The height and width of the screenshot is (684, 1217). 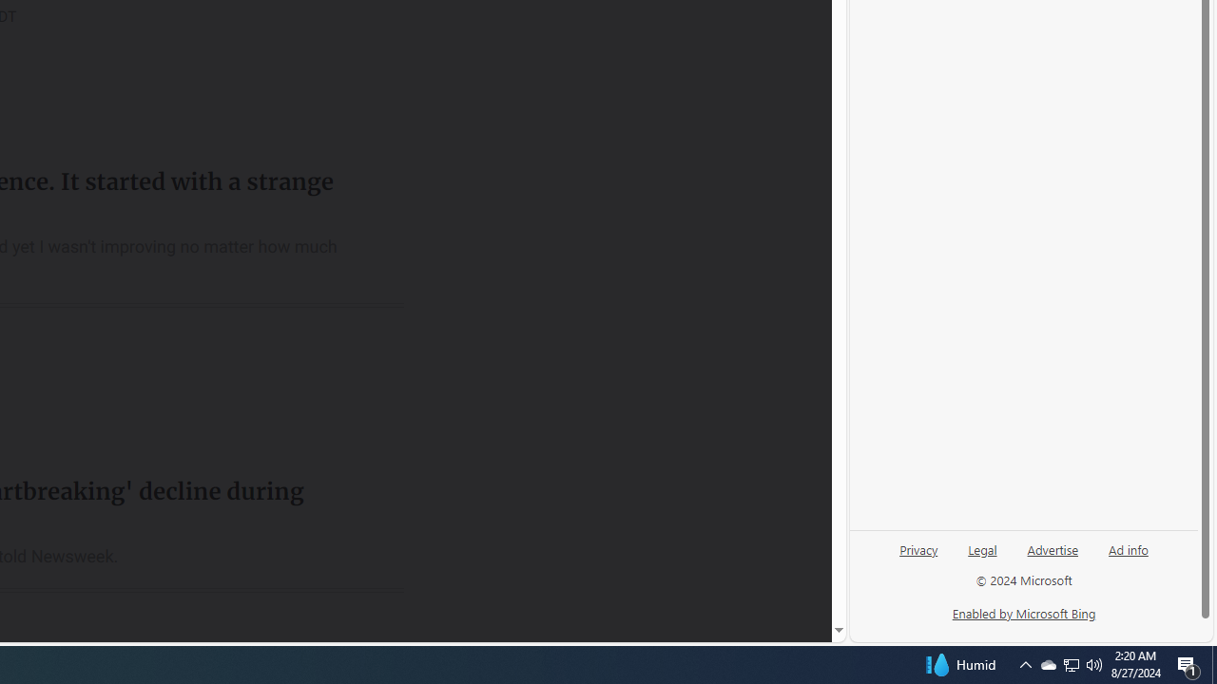 I want to click on 'Advertise', so click(x=1052, y=548).